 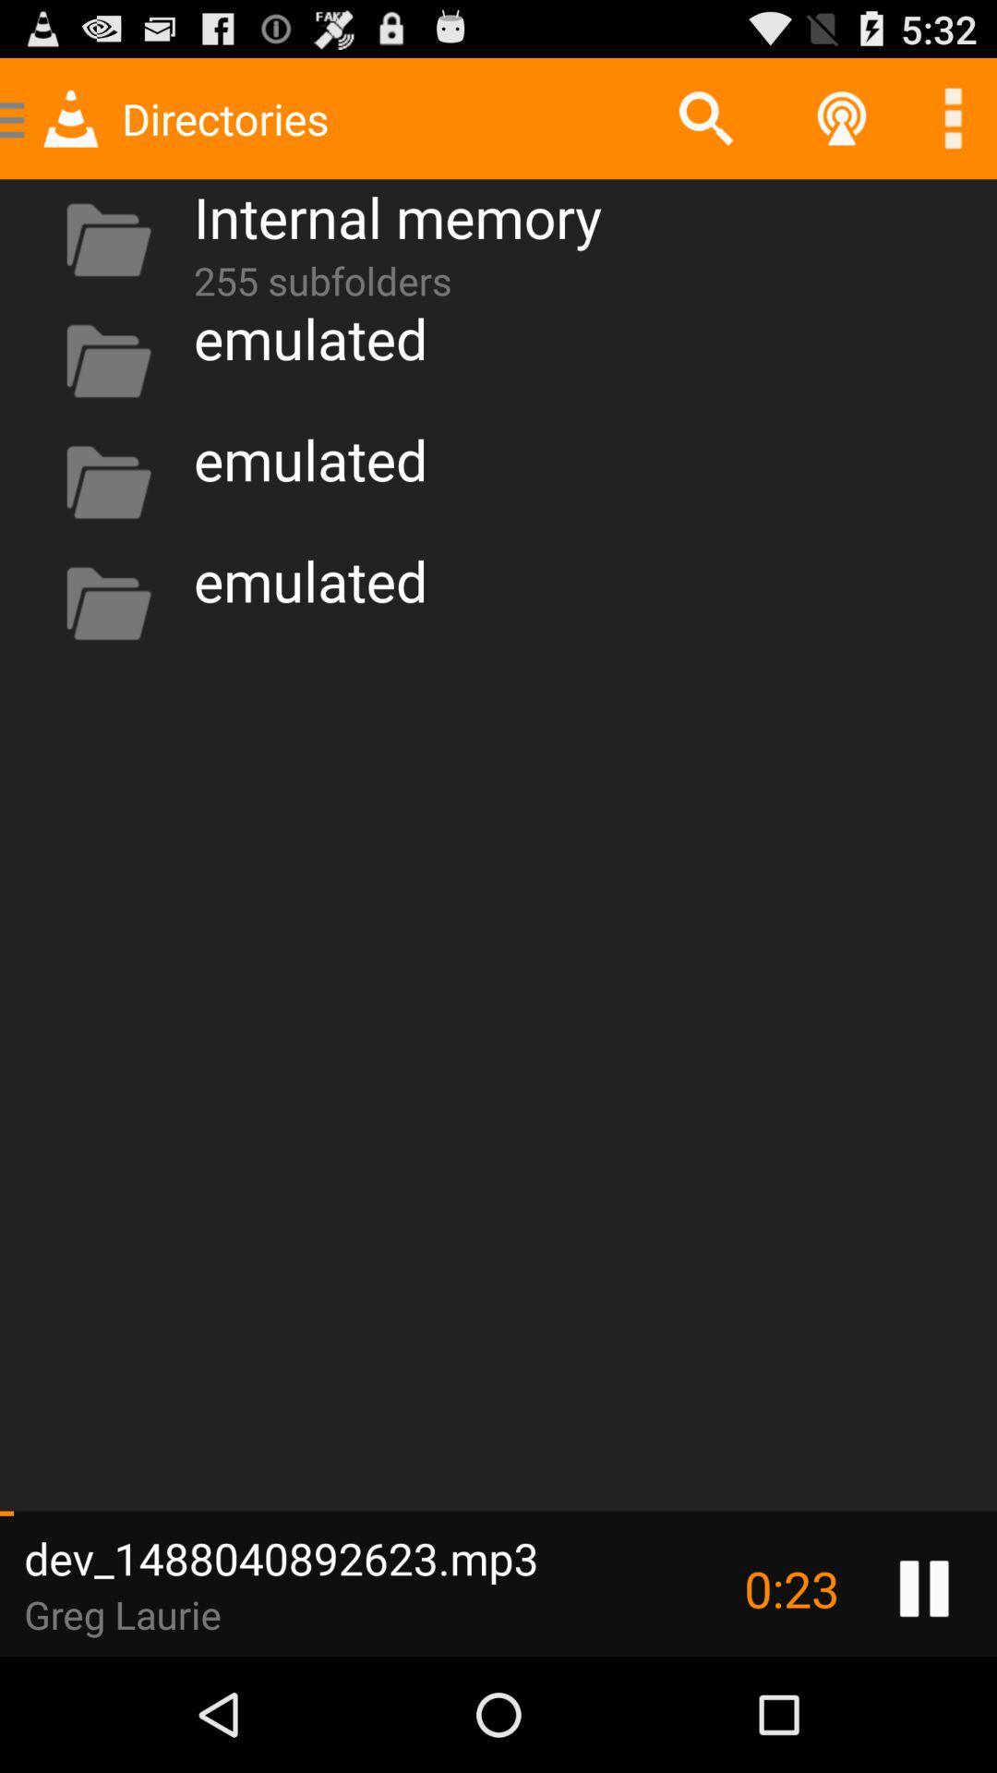 I want to click on 0:24 icon, so click(x=790, y=1587).